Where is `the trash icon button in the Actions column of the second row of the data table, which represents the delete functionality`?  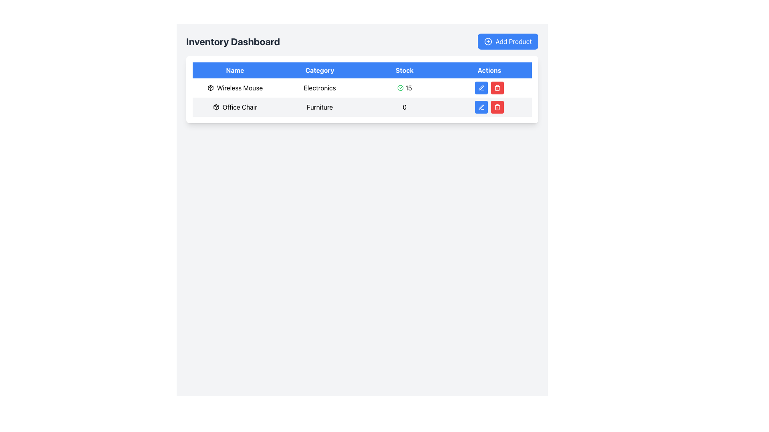 the trash icon button in the Actions column of the second row of the data table, which represents the delete functionality is located at coordinates (497, 106).